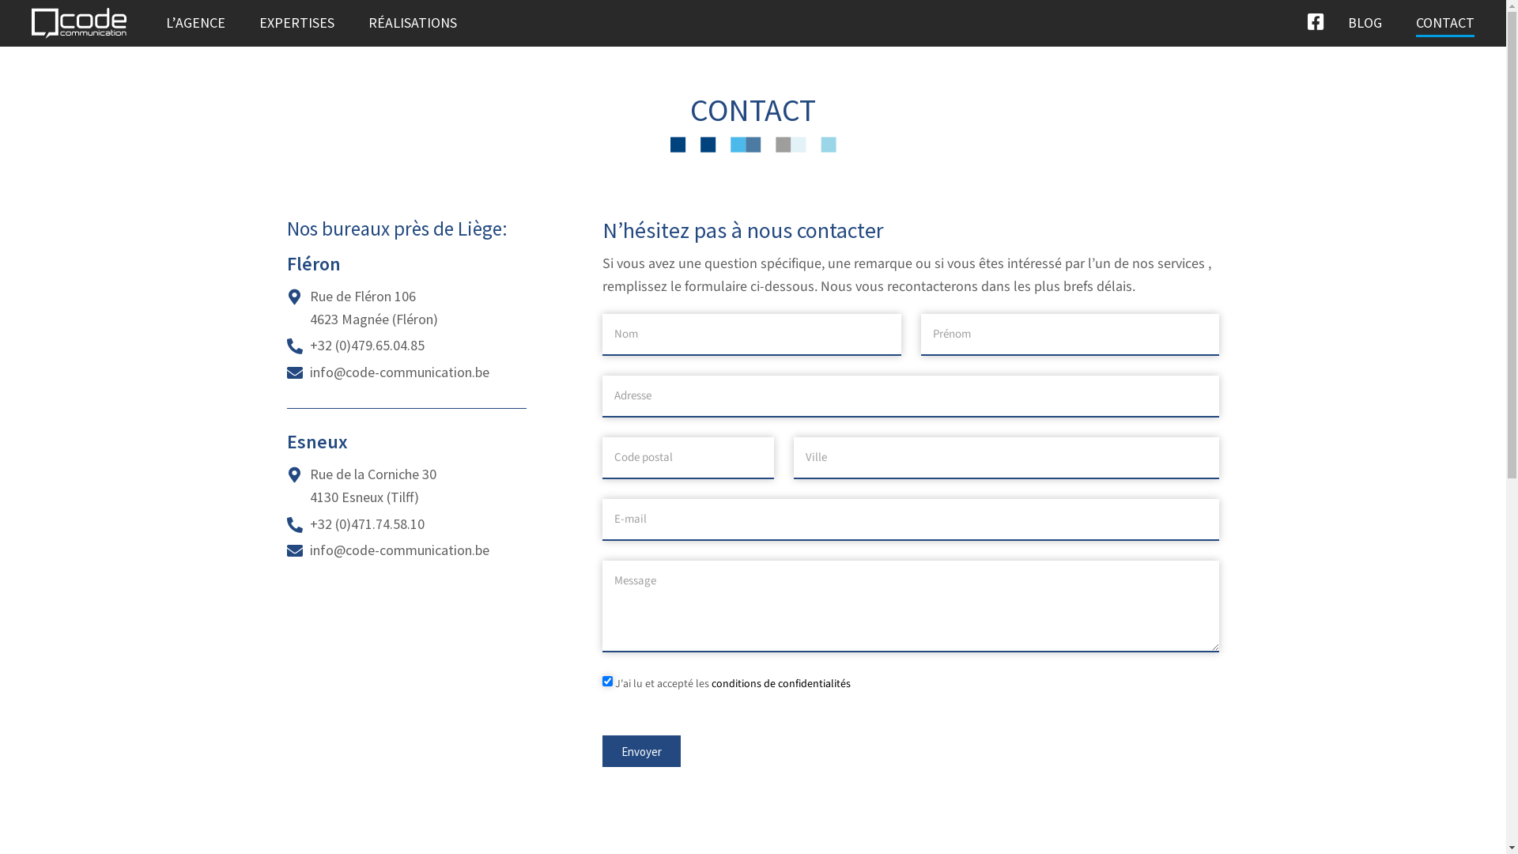 This screenshot has height=854, width=1518. I want to click on 'info@code-communication.be', so click(399, 372).